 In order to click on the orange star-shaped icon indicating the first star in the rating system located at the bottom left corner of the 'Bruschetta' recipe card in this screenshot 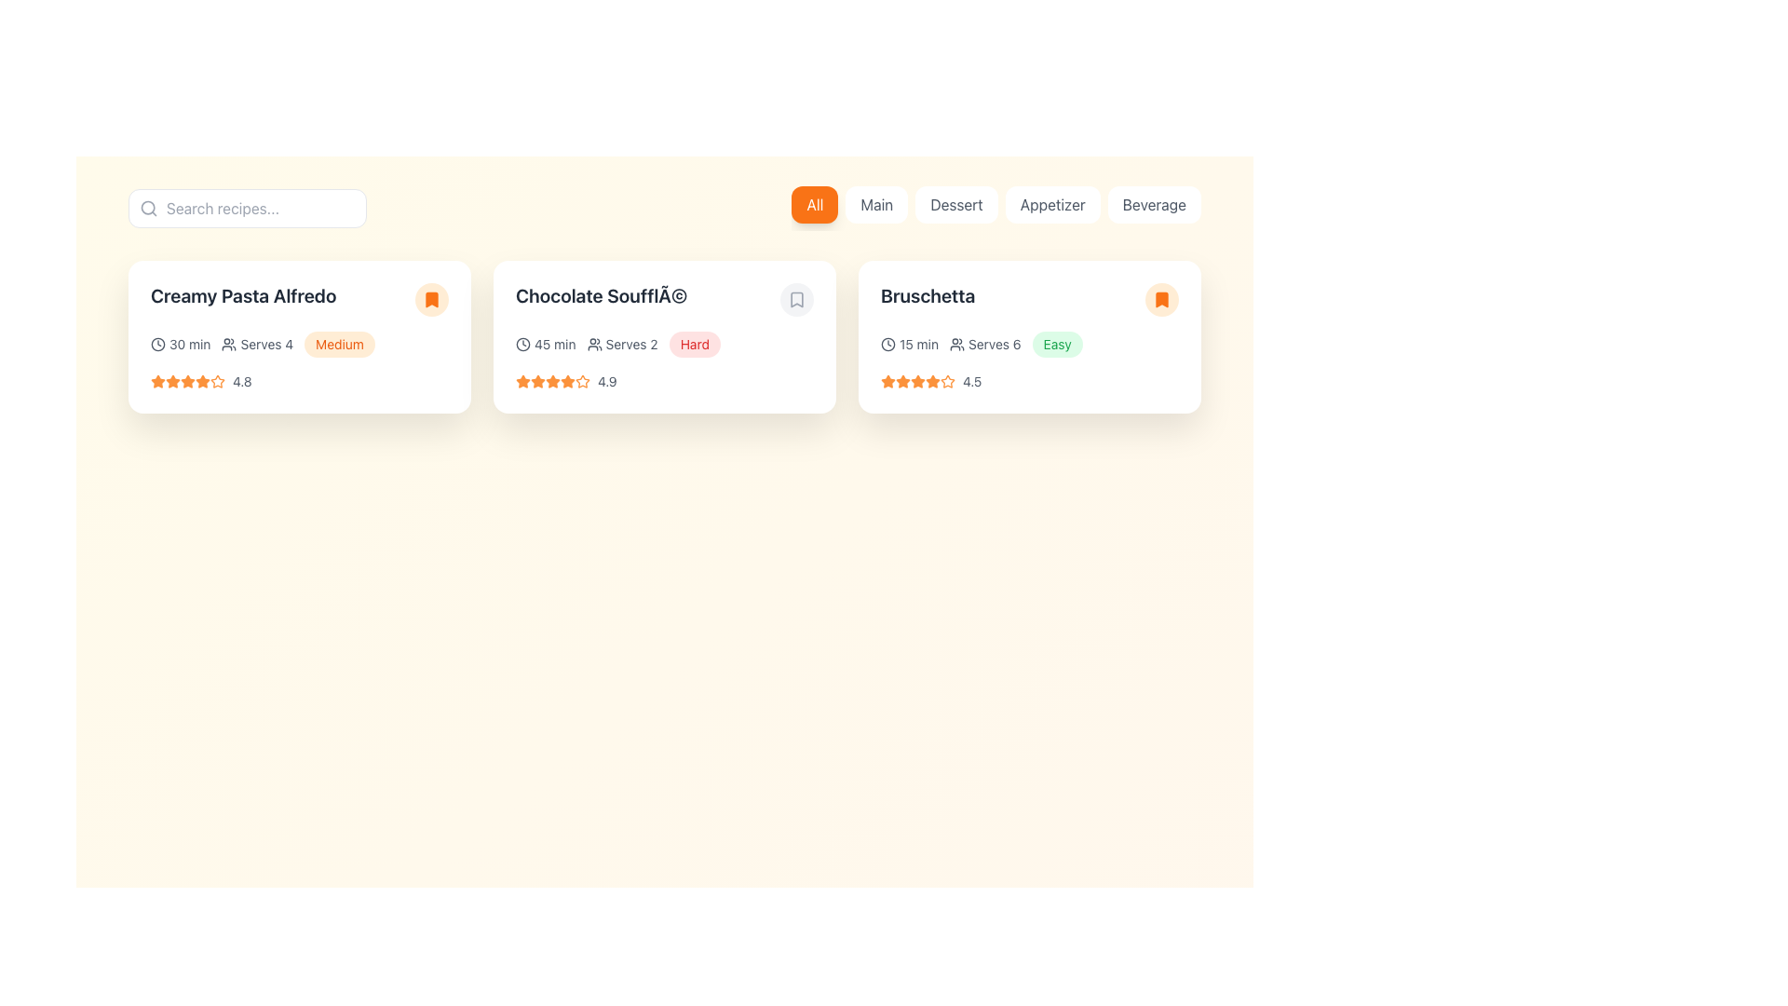, I will do `click(887, 380)`.